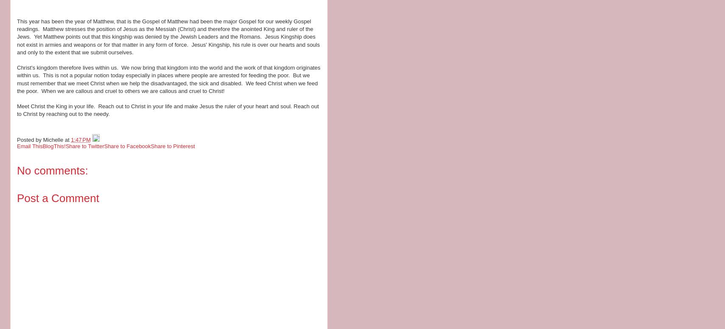 The image size is (725, 329). Describe the element at coordinates (42, 146) in the screenshot. I see `'BlogThis!'` at that location.